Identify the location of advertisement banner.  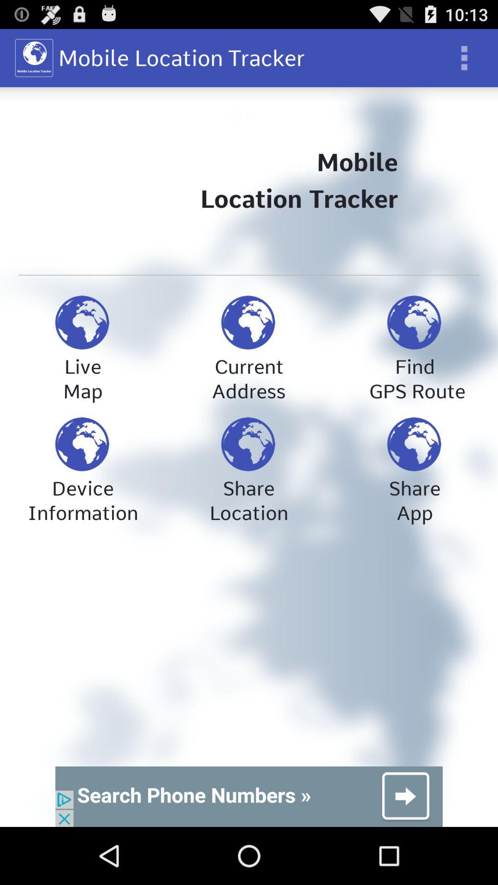
(249, 796).